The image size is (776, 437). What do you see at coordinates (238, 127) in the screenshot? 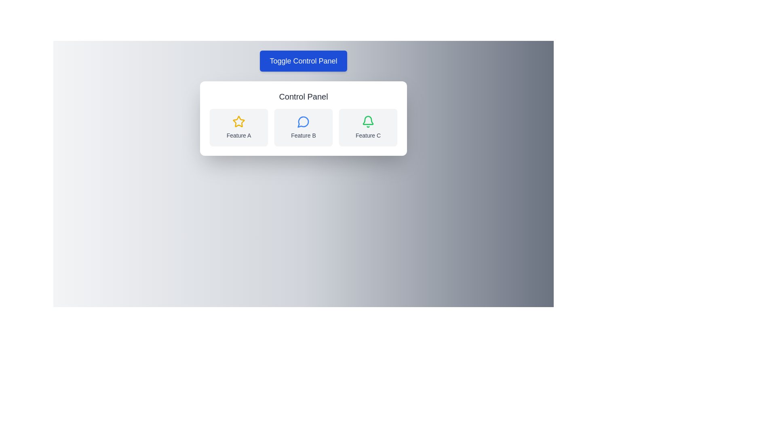
I see `the A feature card which is a rectangular area with a light gray background, rounded corners, featuring a yellow star icon and the text 'Feature A' in dark gray font, located` at bounding box center [238, 127].